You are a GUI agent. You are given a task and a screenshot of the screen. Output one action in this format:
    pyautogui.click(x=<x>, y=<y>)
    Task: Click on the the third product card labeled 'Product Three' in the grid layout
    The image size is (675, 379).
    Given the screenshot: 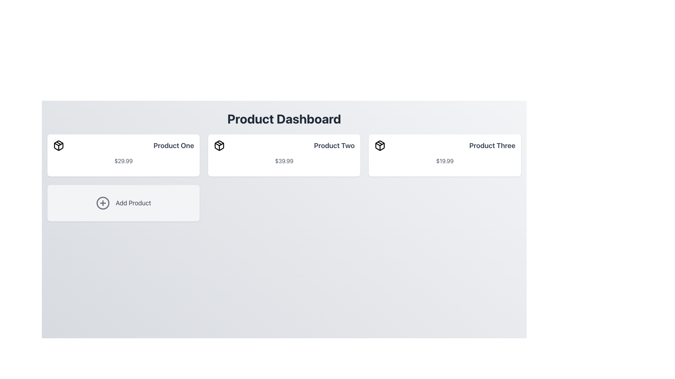 What is the action you would take?
    pyautogui.click(x=444, y=155)
    